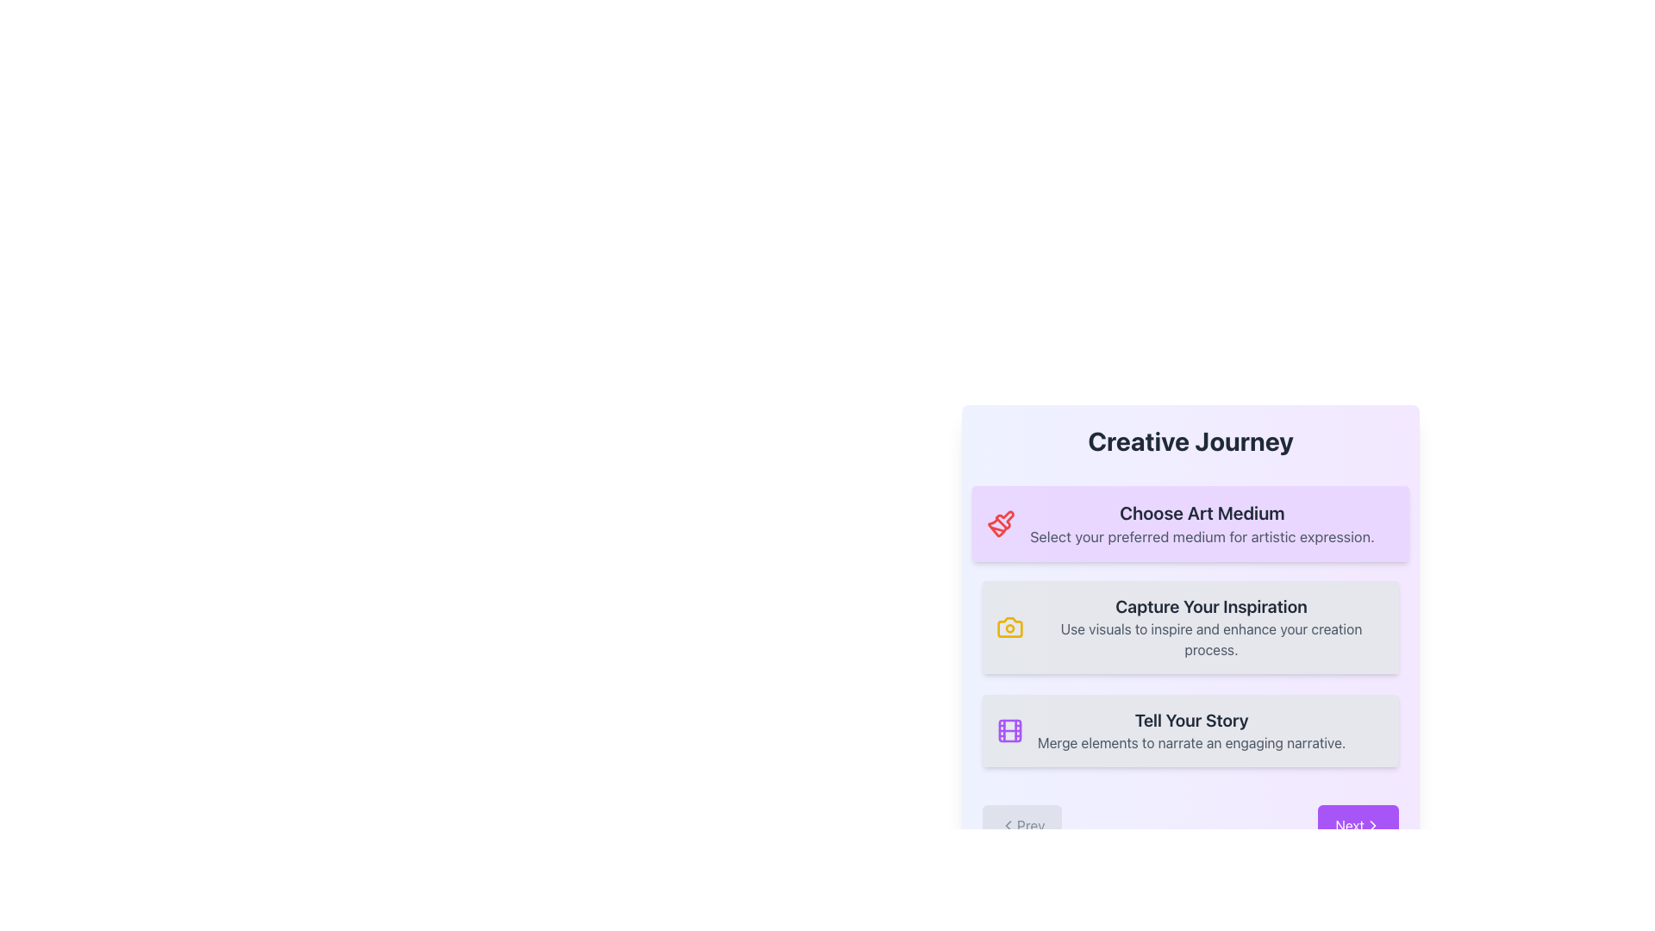 The width and height of the screenshot is (1655, 931). I want to click on the red paintbrush icon located to the left of the text 'Choose Art Medium' in the highlighted section with a lavender background, so click(1001, 523).